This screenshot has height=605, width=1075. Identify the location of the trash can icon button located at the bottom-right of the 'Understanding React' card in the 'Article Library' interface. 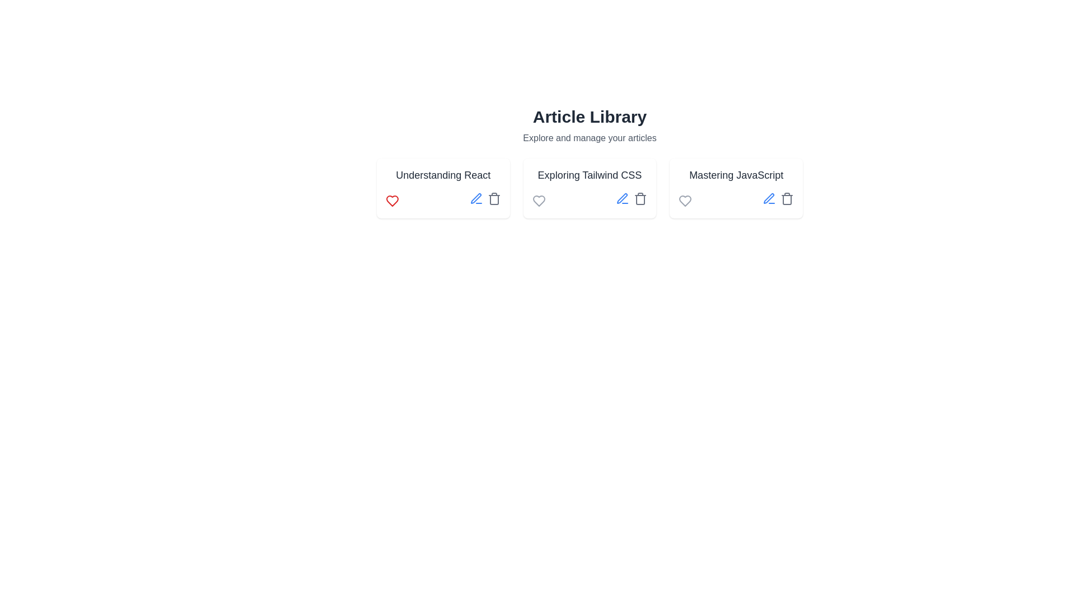
(493, 199).